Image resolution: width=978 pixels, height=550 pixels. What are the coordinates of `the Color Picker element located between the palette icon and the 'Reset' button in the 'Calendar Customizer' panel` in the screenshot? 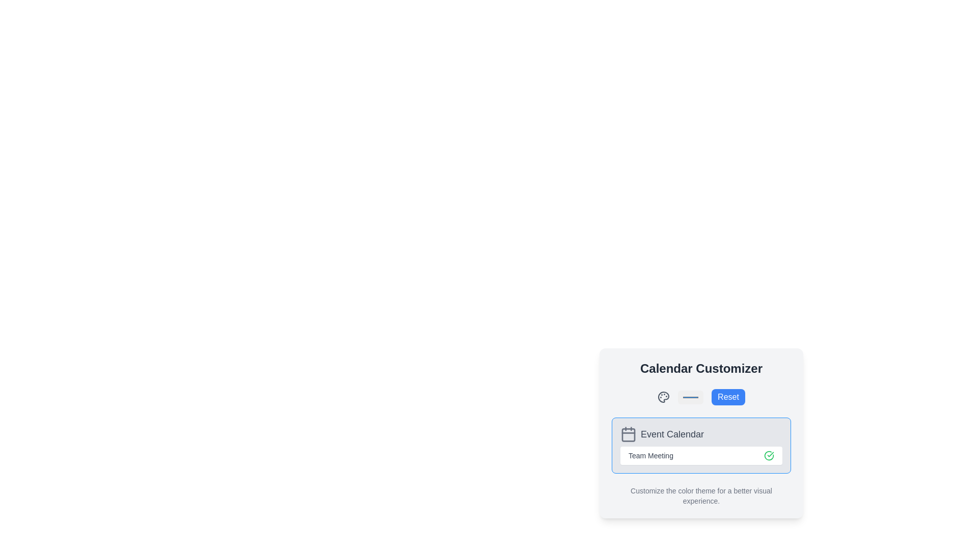 It's located at (691, 396).